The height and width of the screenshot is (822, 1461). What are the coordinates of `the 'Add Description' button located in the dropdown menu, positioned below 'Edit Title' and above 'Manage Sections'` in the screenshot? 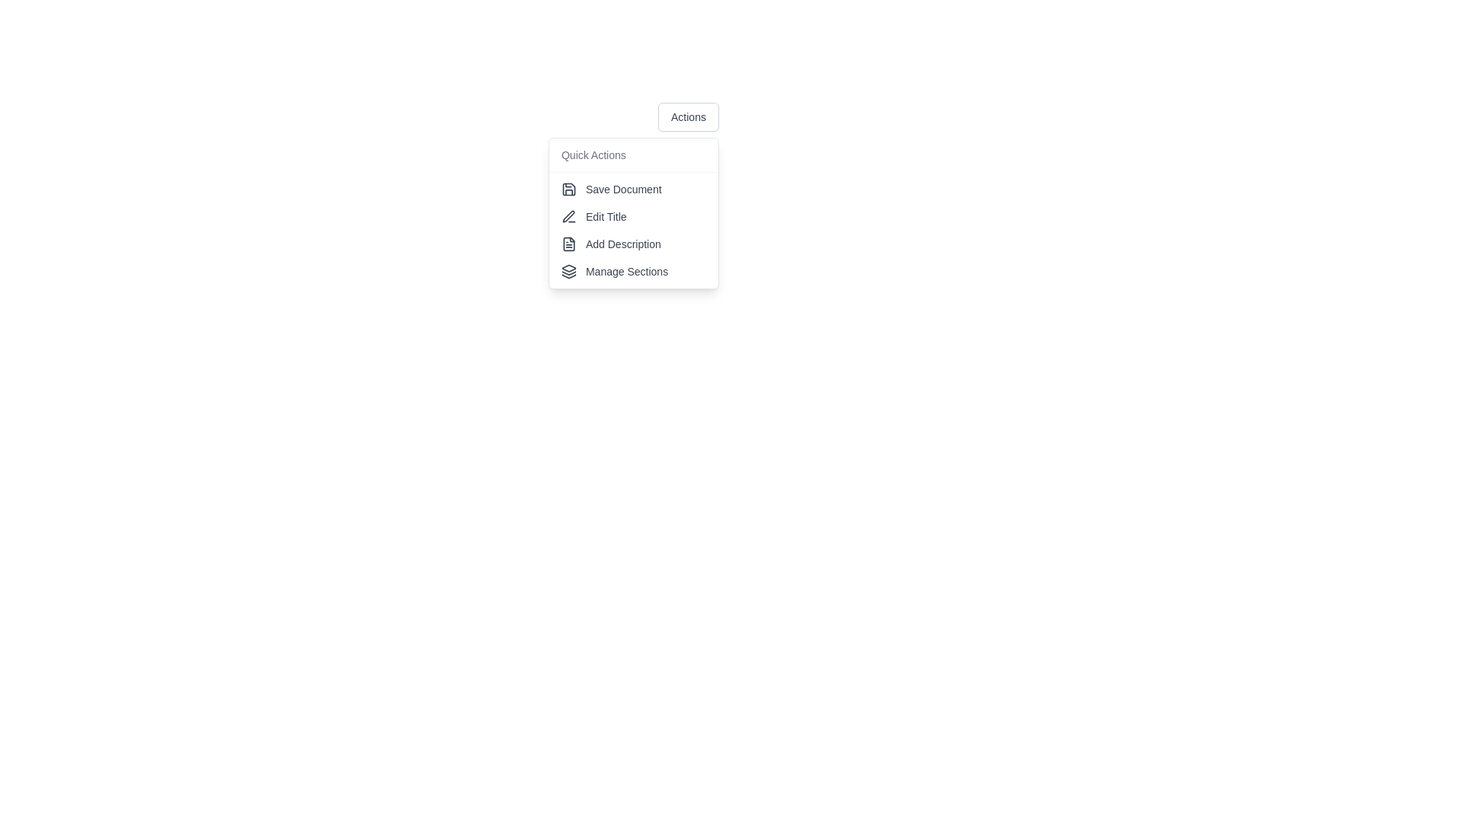 It's located at (633, 243).